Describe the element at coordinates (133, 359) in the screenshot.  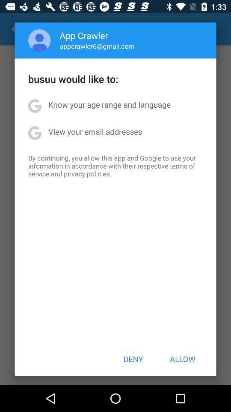
I see `icon below the by continuing you icon` at that location.